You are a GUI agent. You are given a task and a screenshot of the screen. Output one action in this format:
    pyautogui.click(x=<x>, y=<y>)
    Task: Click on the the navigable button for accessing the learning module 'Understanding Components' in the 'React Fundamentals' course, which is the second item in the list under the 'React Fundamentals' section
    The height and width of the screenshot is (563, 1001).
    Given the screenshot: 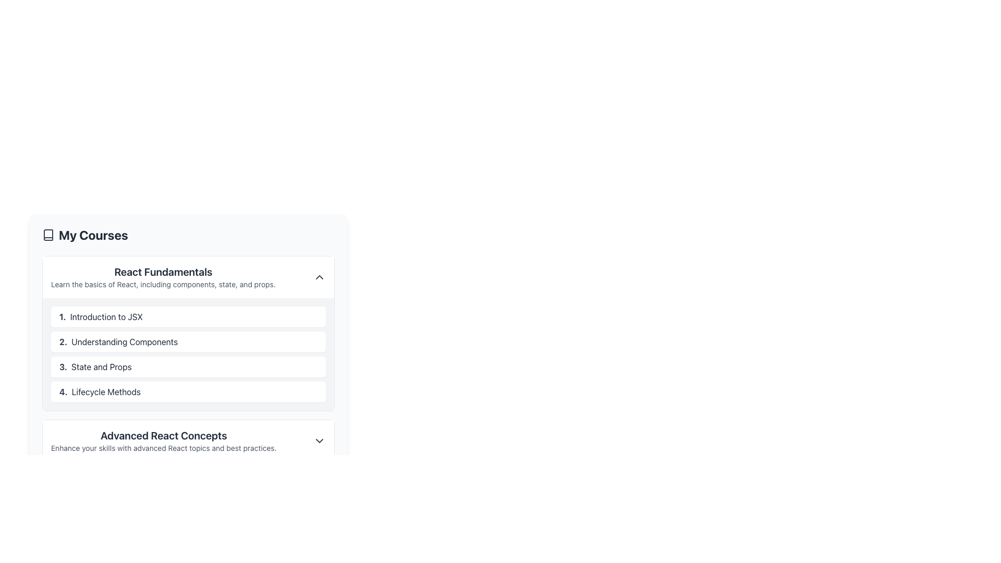 What is the action you would take?
    pyautogui.click(x=188, y=341)
    